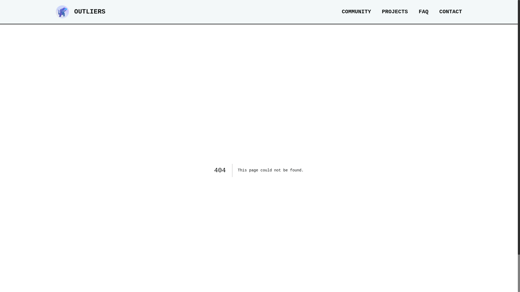  What do you see at coordinates (382, 12) in the screenshot?
I see `'PROJECTS'` at bounding box center [382, 12].